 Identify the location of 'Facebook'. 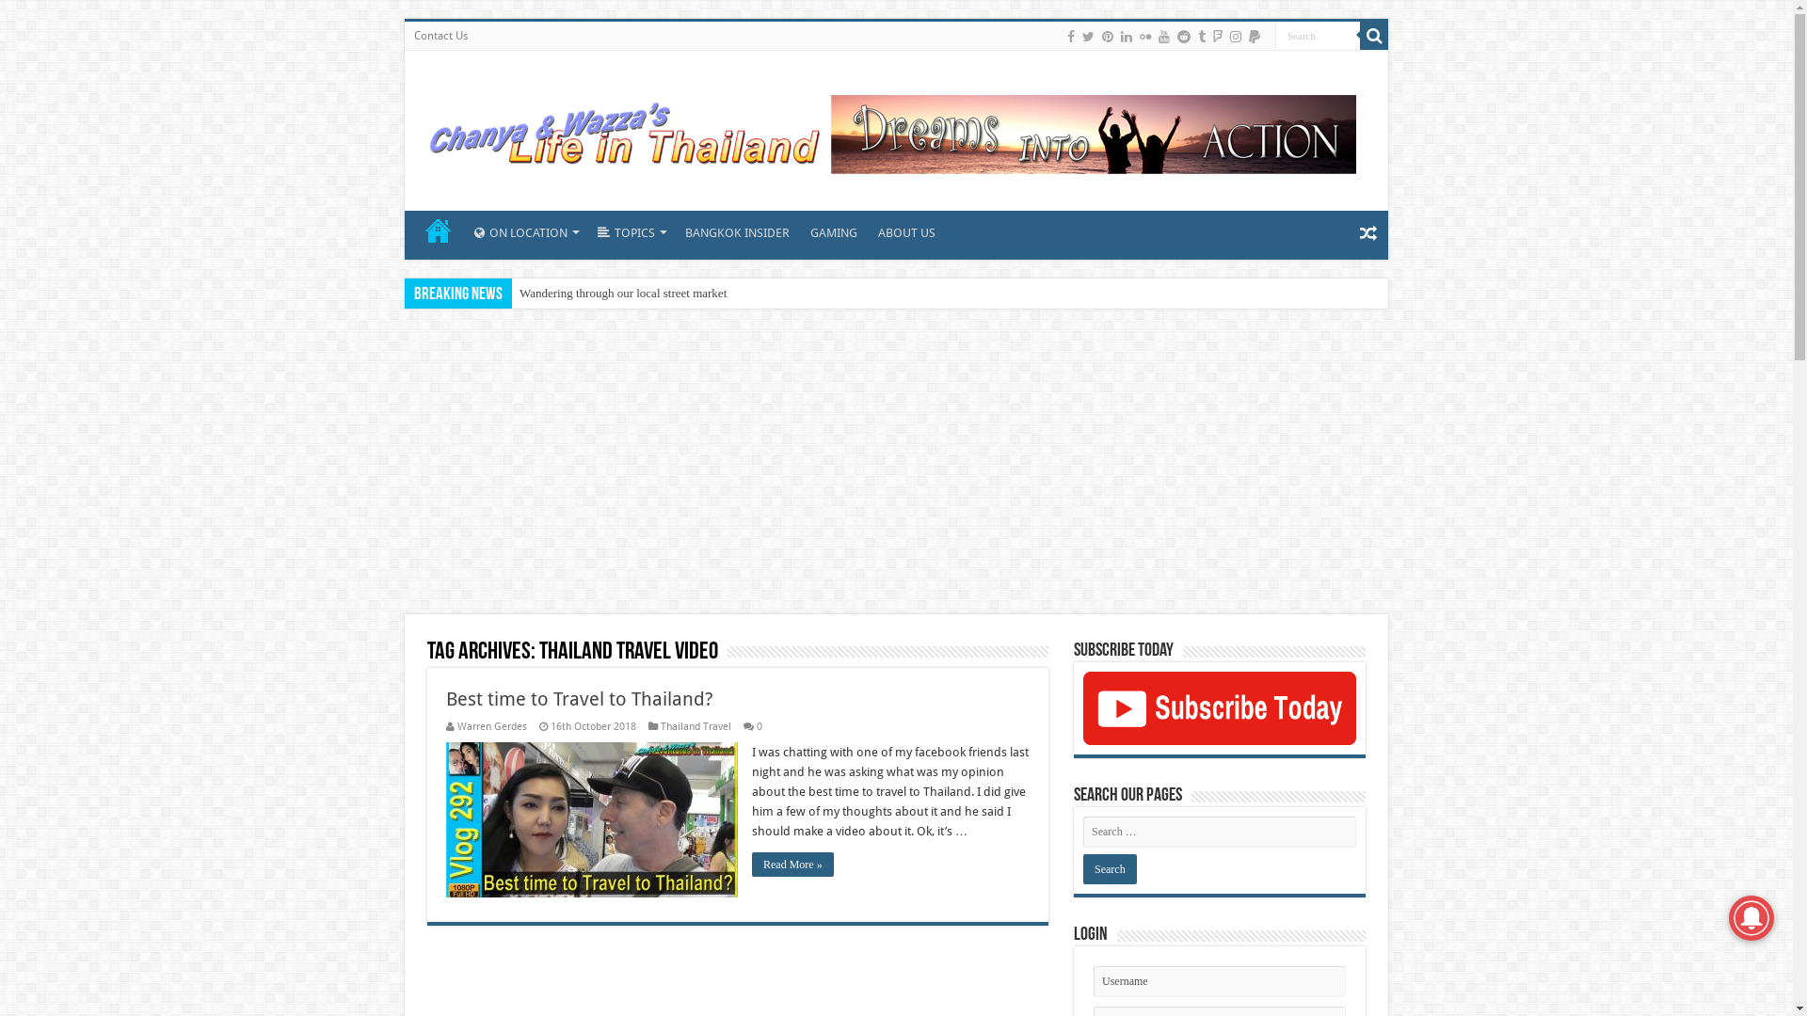
(1070, 36).